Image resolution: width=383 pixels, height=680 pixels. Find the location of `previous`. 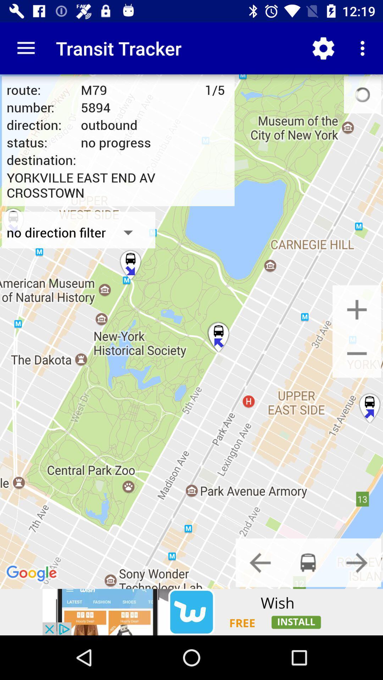

previous is located at coordinates (260, 562).